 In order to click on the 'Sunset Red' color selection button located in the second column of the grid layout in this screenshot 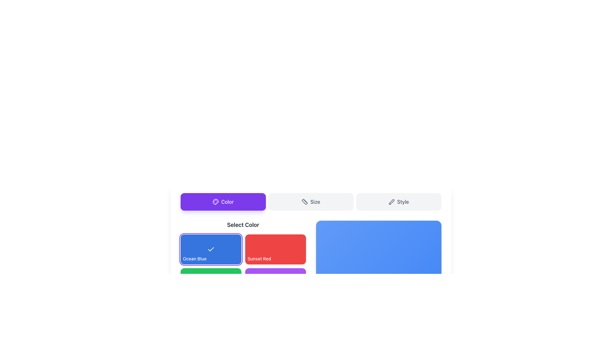, I will do `click(243, 259)`.